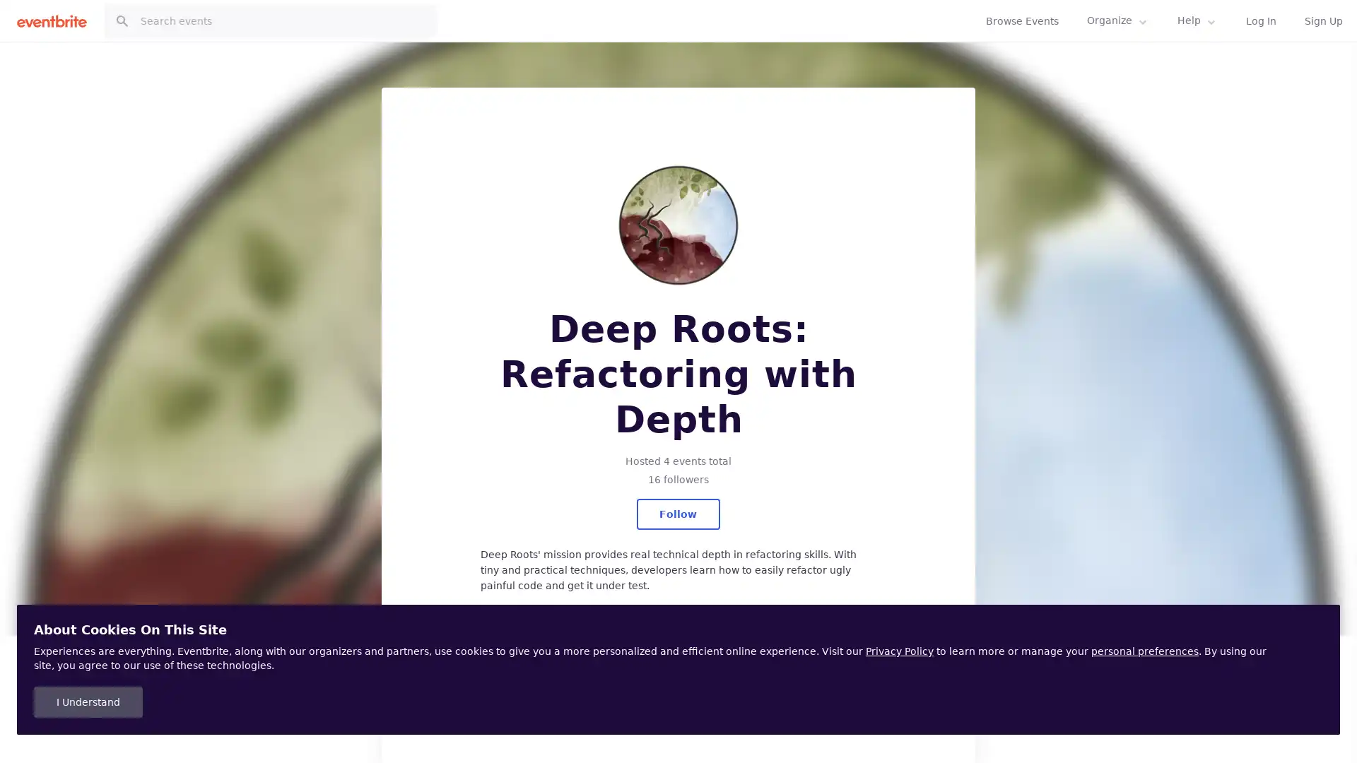 The height and width of the screenshot is (763, 1357). I want to click on Contact the organizer, so click(677, 678).